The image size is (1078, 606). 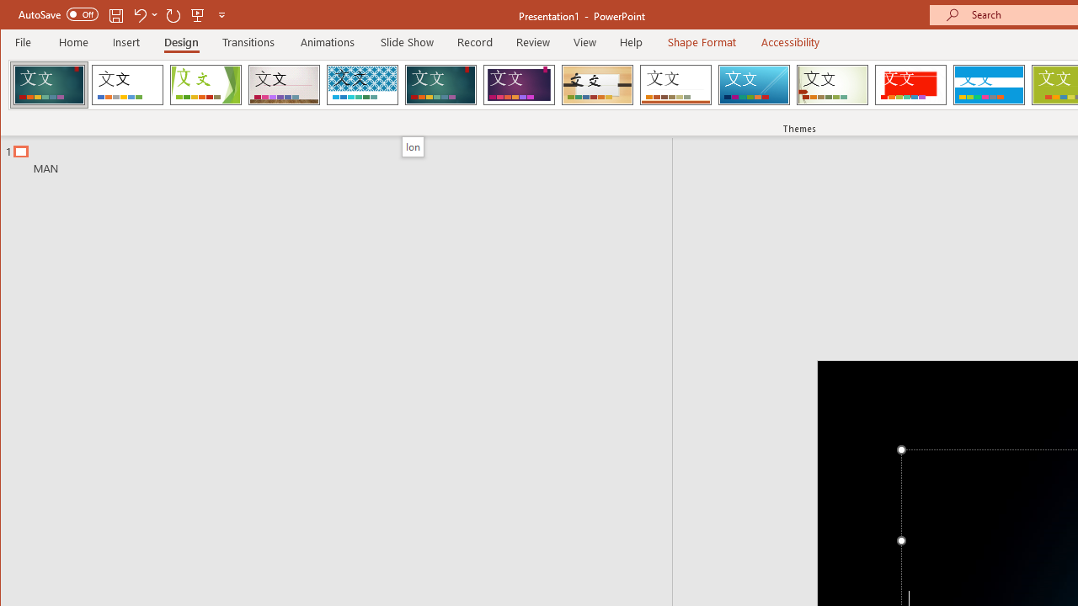 I want to click on 'Ion', so click(x=413, y=146).